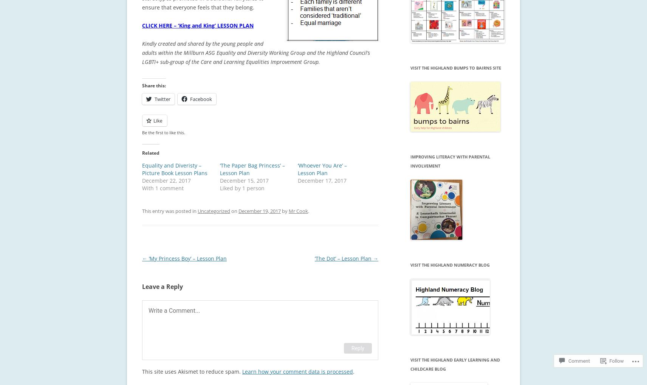 Image resolution: width=647 pixels, height=385 pixels. Describe the element at coordinates (343, 258) in the screenshot. I see `'‘The Dot’ – Lesson Plan'` at that location.